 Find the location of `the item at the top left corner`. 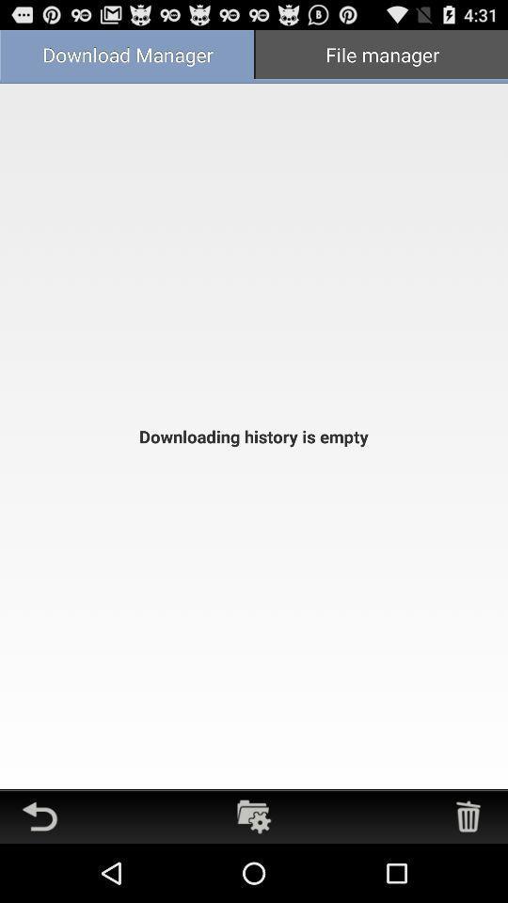

the item at the top left corner is located at coordinates (127, 55).